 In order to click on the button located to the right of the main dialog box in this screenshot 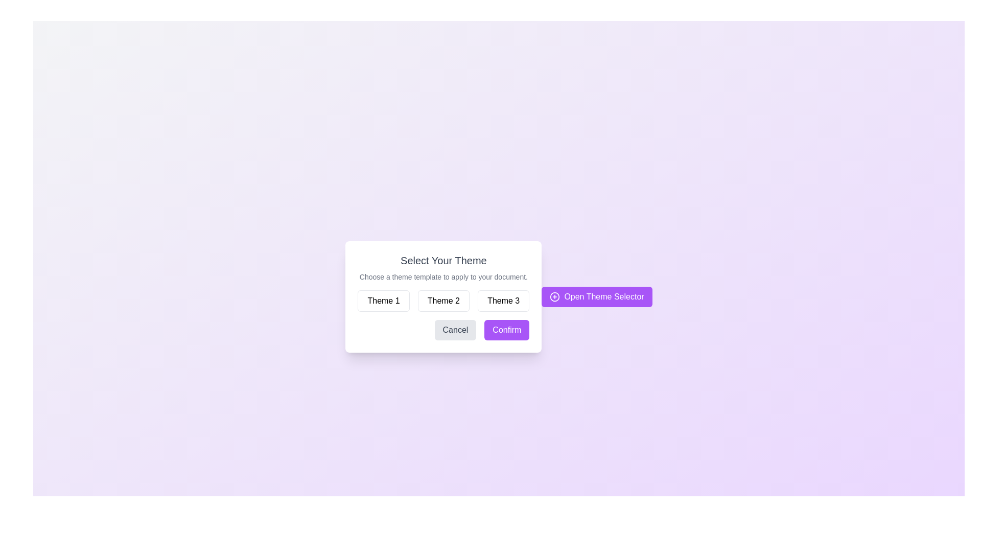, I will do `click(596, 297)`.